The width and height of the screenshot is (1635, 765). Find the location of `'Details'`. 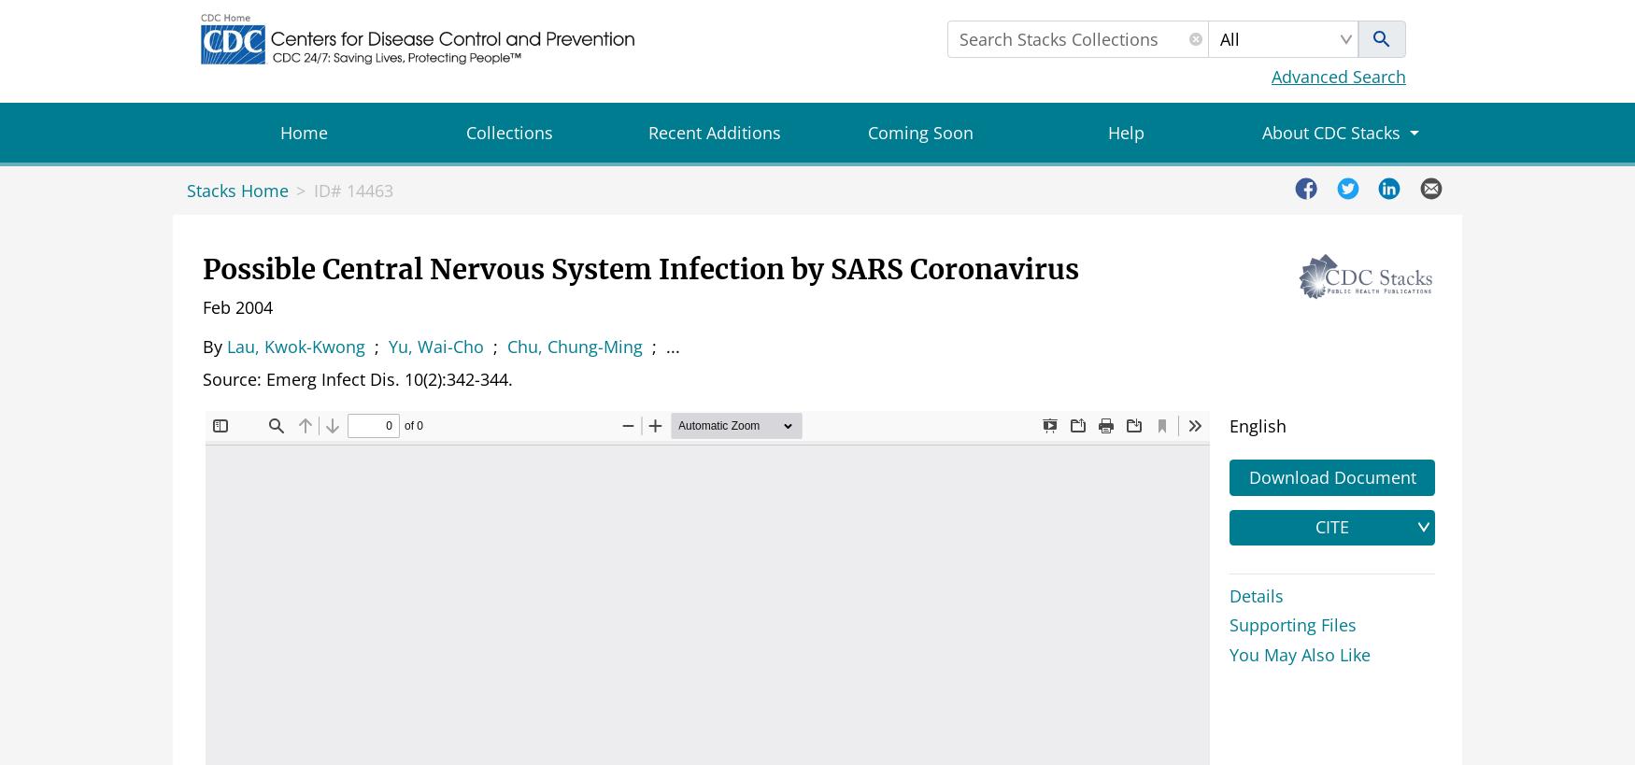

'Details' is located at coordinates (1257, 594).